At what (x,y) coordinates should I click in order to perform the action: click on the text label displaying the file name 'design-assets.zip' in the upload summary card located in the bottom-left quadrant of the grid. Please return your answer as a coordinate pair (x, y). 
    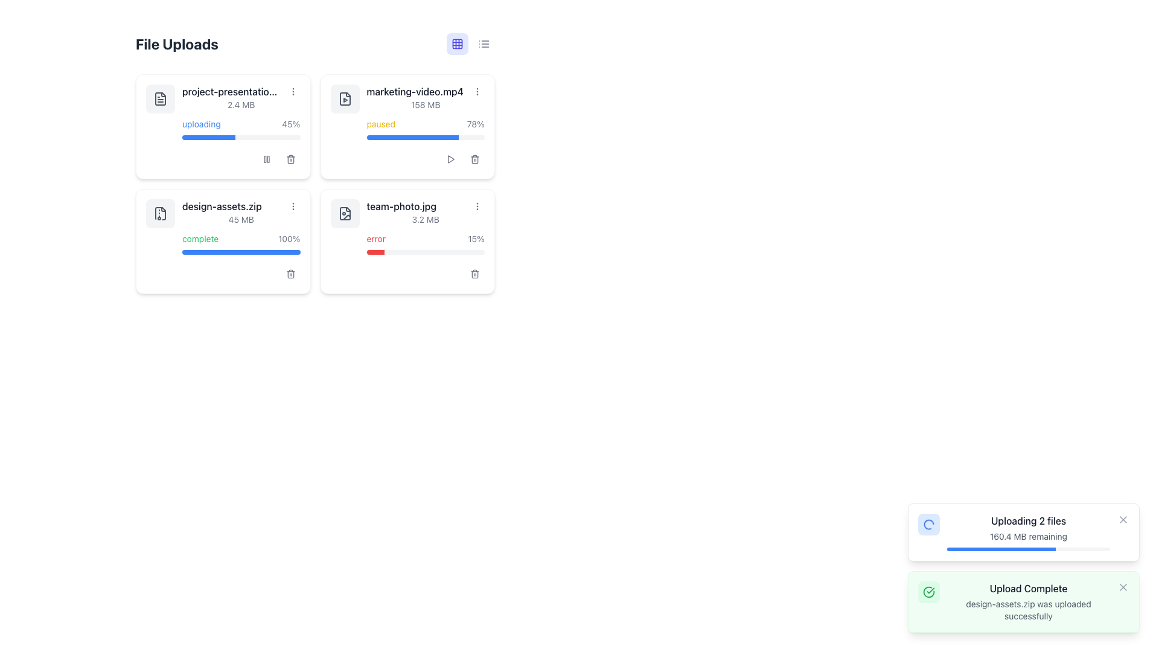
    Looking at the image, I should click on (222, 206).